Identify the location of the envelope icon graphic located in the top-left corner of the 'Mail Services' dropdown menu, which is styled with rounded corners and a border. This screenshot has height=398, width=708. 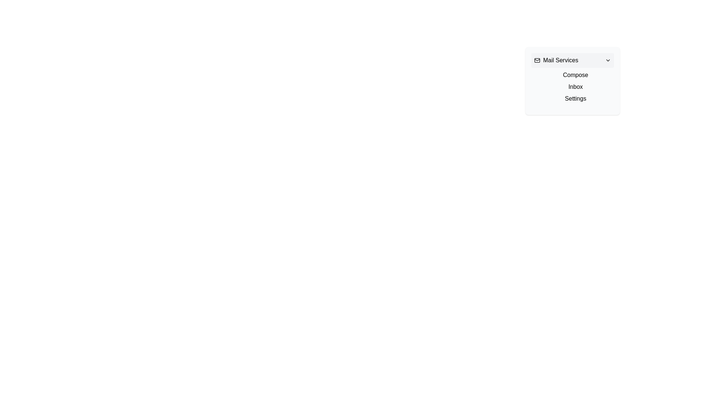
(537, 60).